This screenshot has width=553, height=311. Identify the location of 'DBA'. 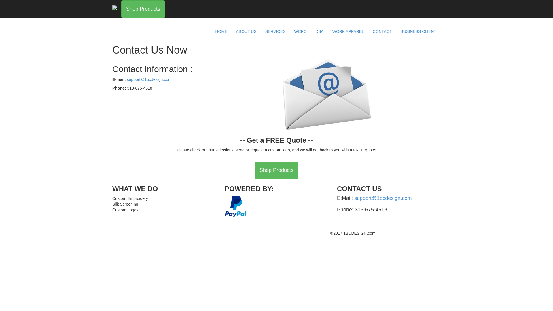
(319, 31).